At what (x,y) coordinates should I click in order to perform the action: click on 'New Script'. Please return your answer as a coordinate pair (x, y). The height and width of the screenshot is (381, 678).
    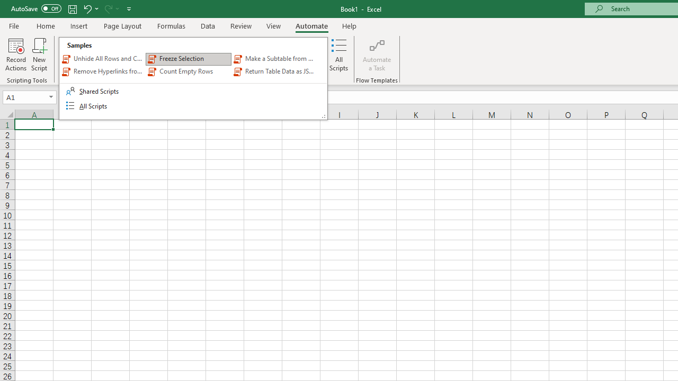
    Looking at the image, I should click on (39, 55).